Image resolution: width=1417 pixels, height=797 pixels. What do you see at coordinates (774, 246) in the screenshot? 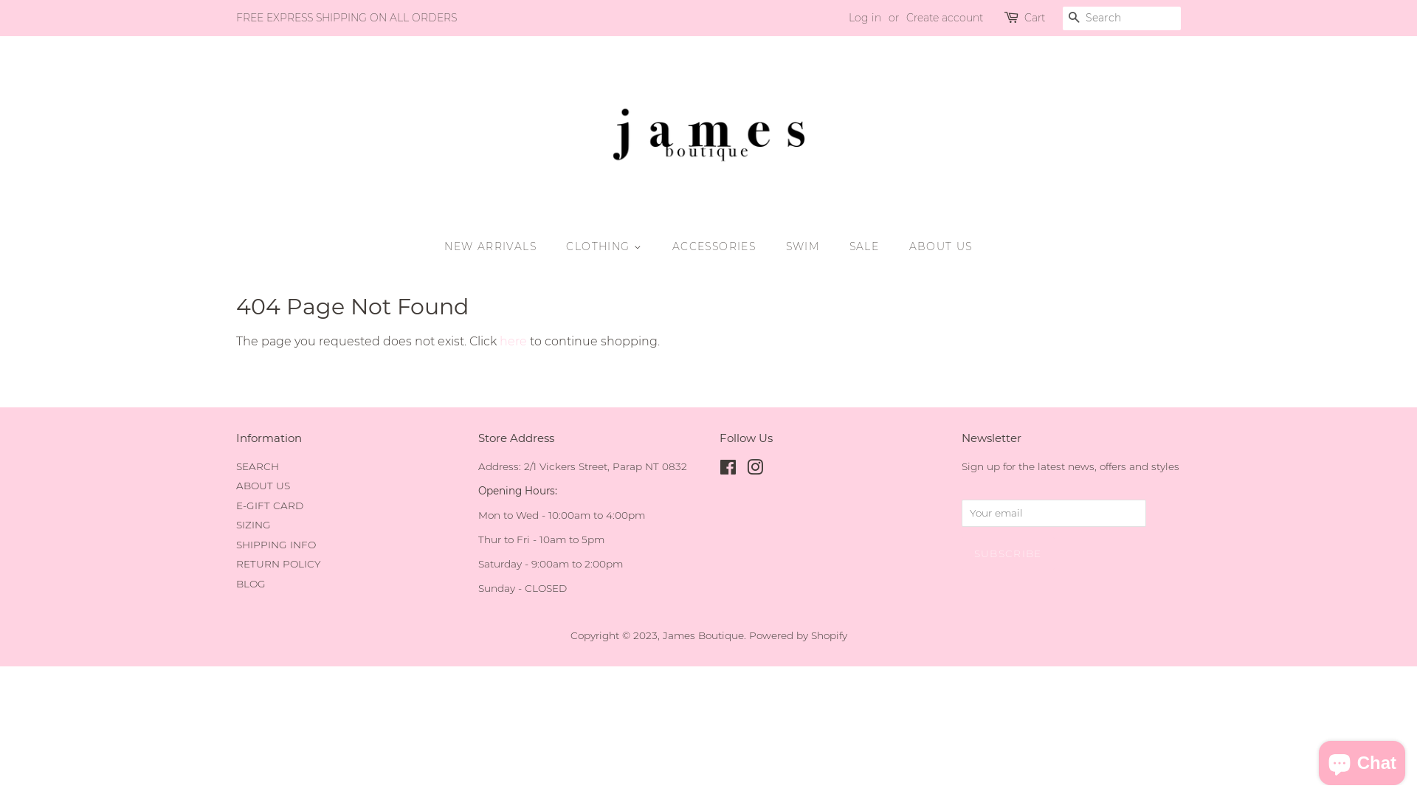
I see `'SWIM'` at bounding box center [774, 246].